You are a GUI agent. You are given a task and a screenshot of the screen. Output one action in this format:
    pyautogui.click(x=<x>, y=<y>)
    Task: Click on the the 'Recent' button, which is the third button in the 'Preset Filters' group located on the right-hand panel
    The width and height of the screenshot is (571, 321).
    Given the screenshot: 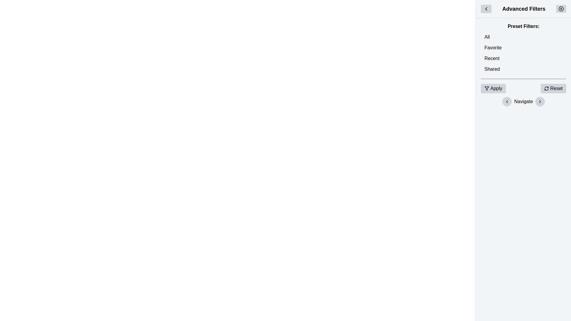 What is the action you would take?
    pyautogui.click(x=523, y=58)
    